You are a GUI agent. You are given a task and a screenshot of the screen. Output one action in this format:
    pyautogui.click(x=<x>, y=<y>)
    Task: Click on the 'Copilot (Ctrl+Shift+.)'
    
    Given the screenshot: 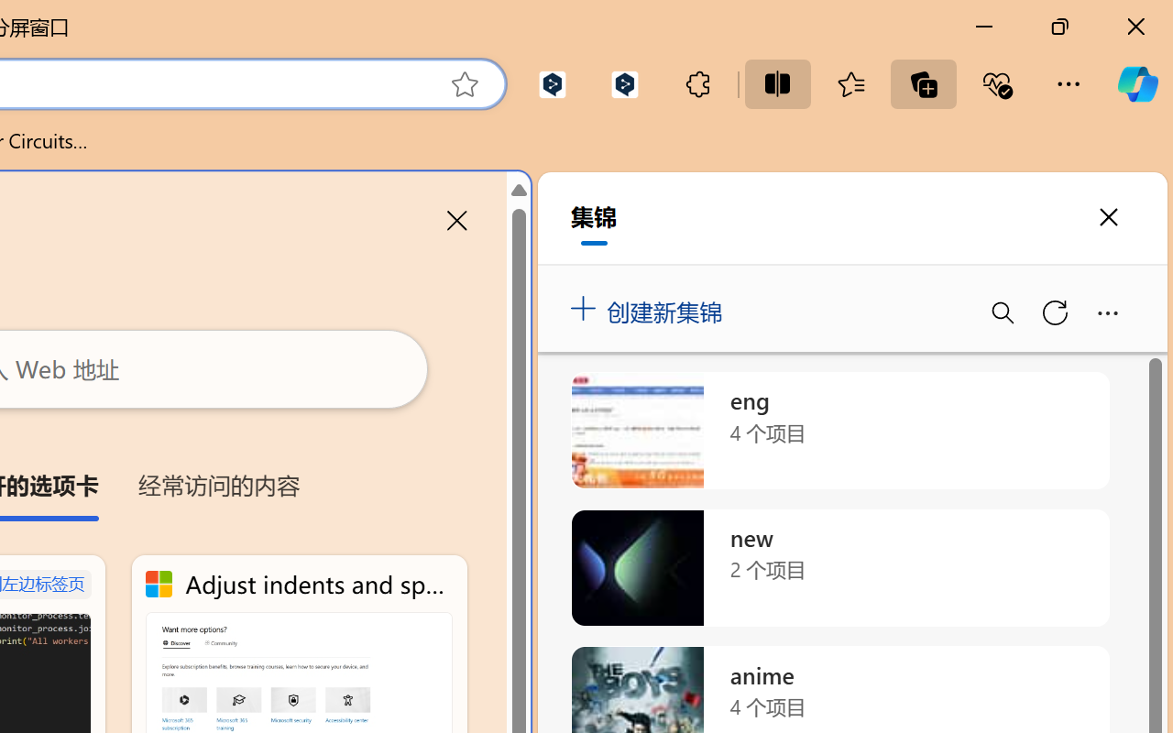 What is the action you would take?
    pyautogui.click(x=1136, y=83)
    